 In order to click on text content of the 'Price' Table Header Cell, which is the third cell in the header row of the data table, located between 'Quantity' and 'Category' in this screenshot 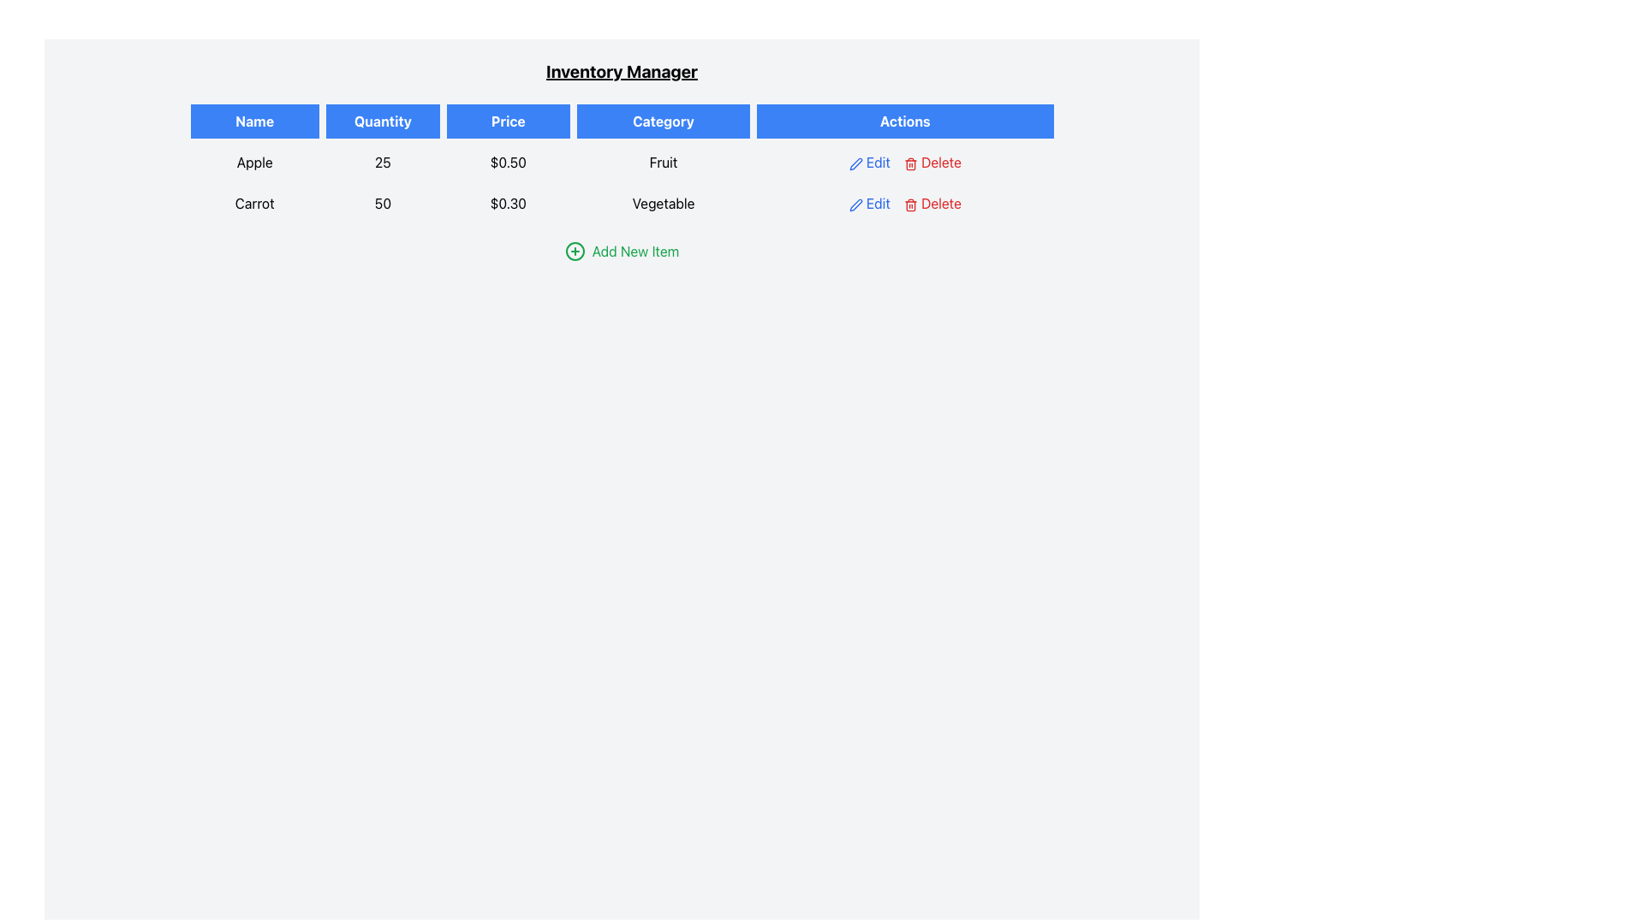, I will do `click(507, 121)`.